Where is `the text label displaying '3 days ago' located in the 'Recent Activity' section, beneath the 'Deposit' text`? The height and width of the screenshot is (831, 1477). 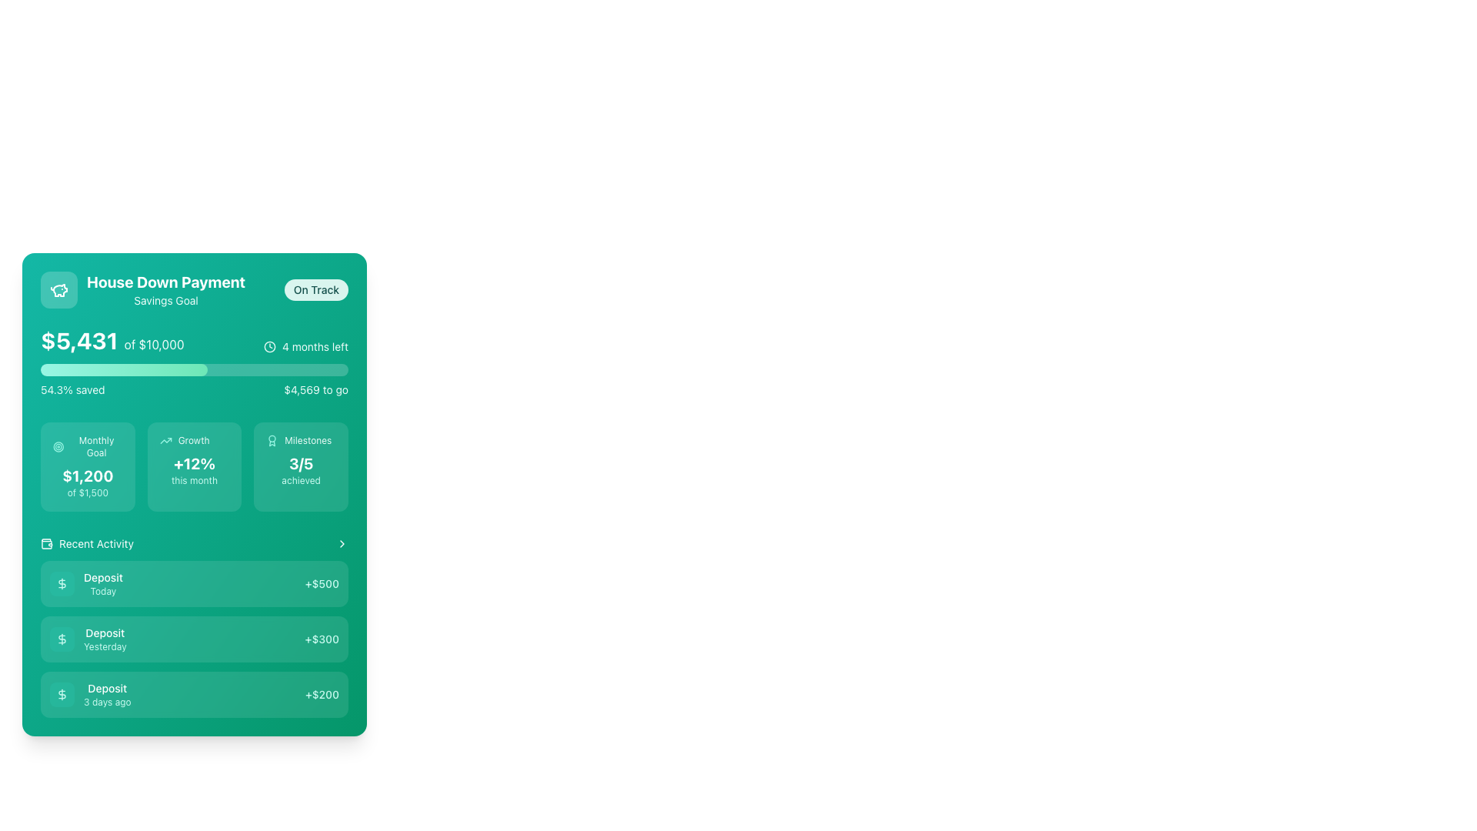
the text label displaying '3 days ago' located in the 'Recent Activity' section, beneath the 'Deposit' text is located at coordinates (106, 703).